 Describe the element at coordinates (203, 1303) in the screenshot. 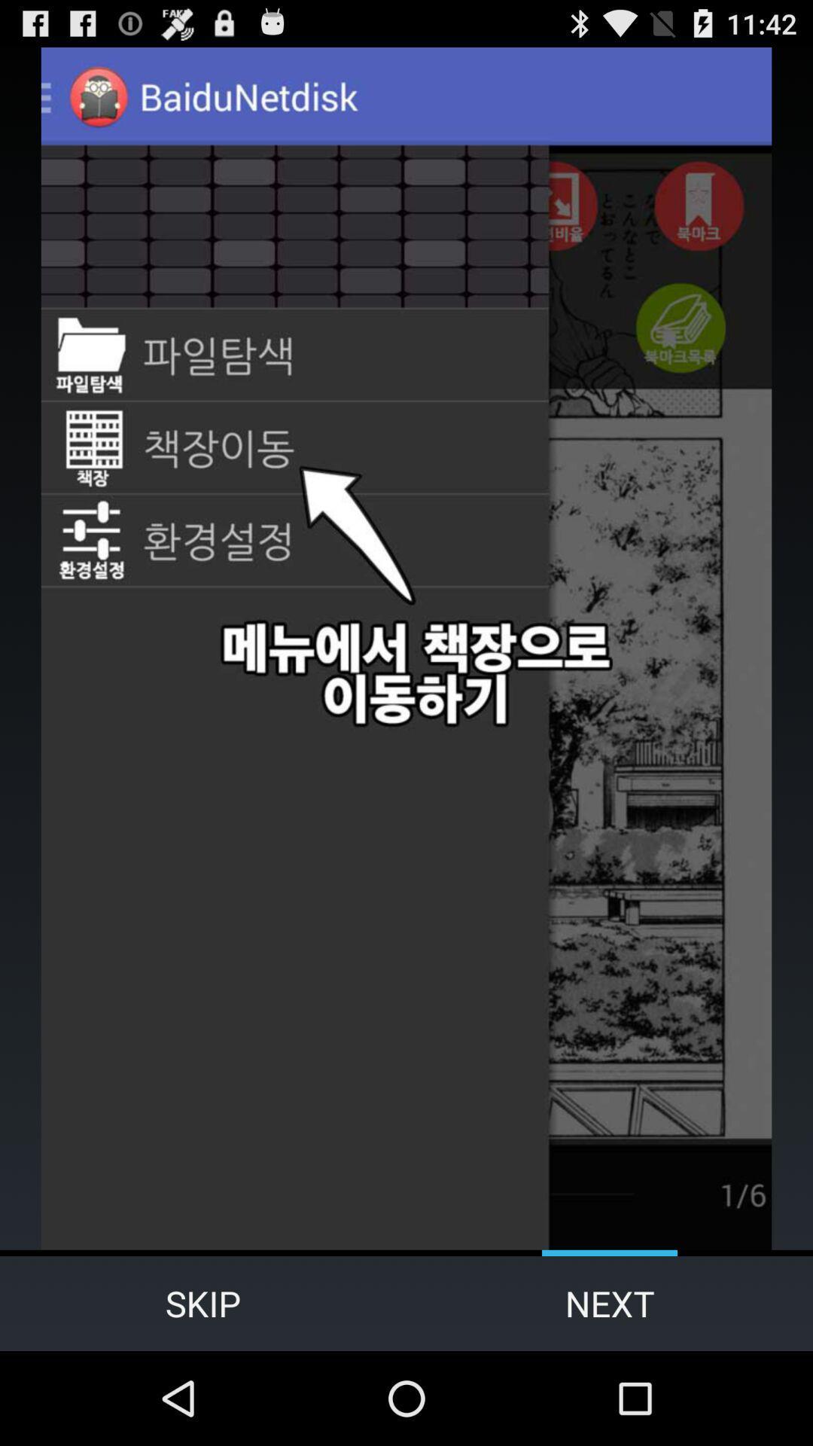

I see `icon at the bottom left corner` at that location.